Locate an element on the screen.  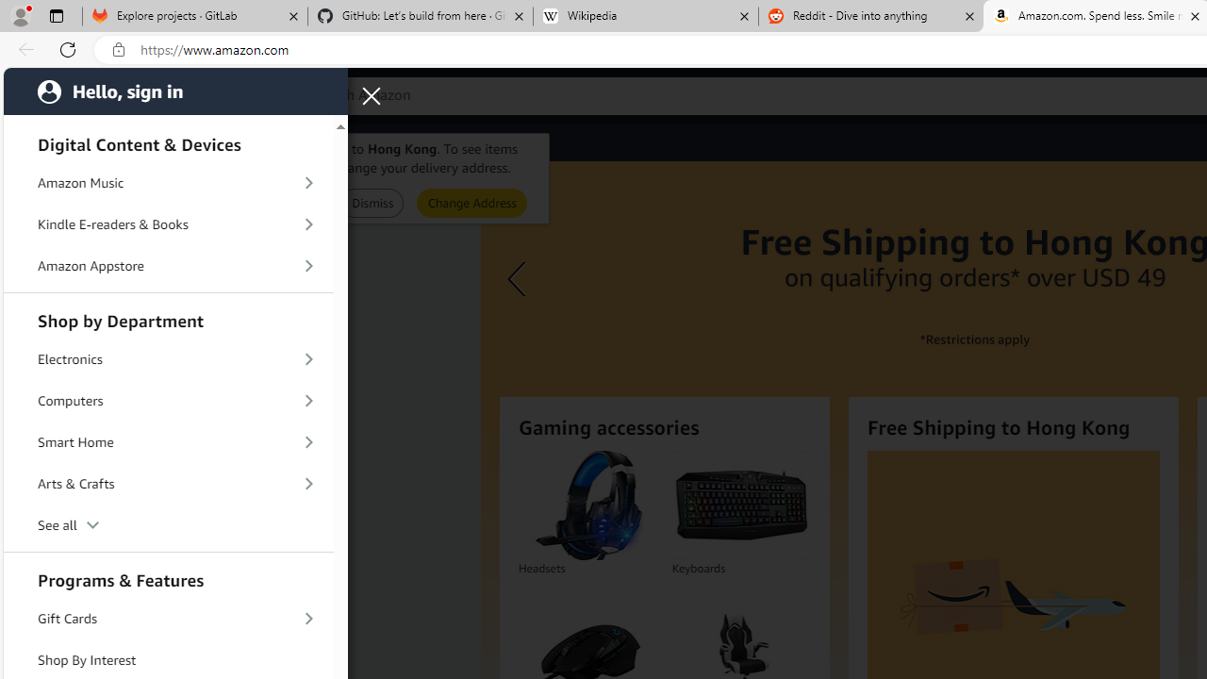
'Wikipedia' is located at coordinates (645, 16).